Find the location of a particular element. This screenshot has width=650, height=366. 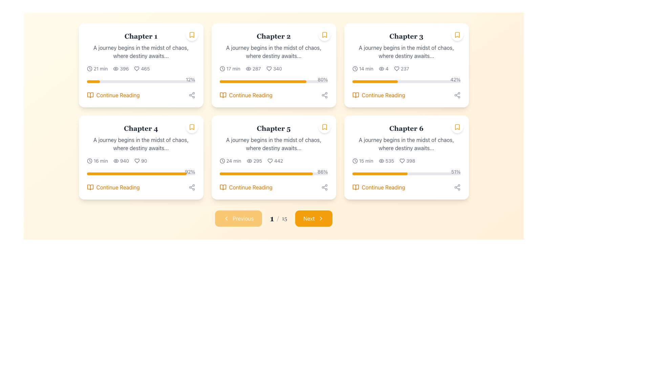

the interactive share icon located in the bottom-right corner of the card for 'Chapter 2', depicted as three connected nodes forming a triangular shape is located at coordinates (324, 95).